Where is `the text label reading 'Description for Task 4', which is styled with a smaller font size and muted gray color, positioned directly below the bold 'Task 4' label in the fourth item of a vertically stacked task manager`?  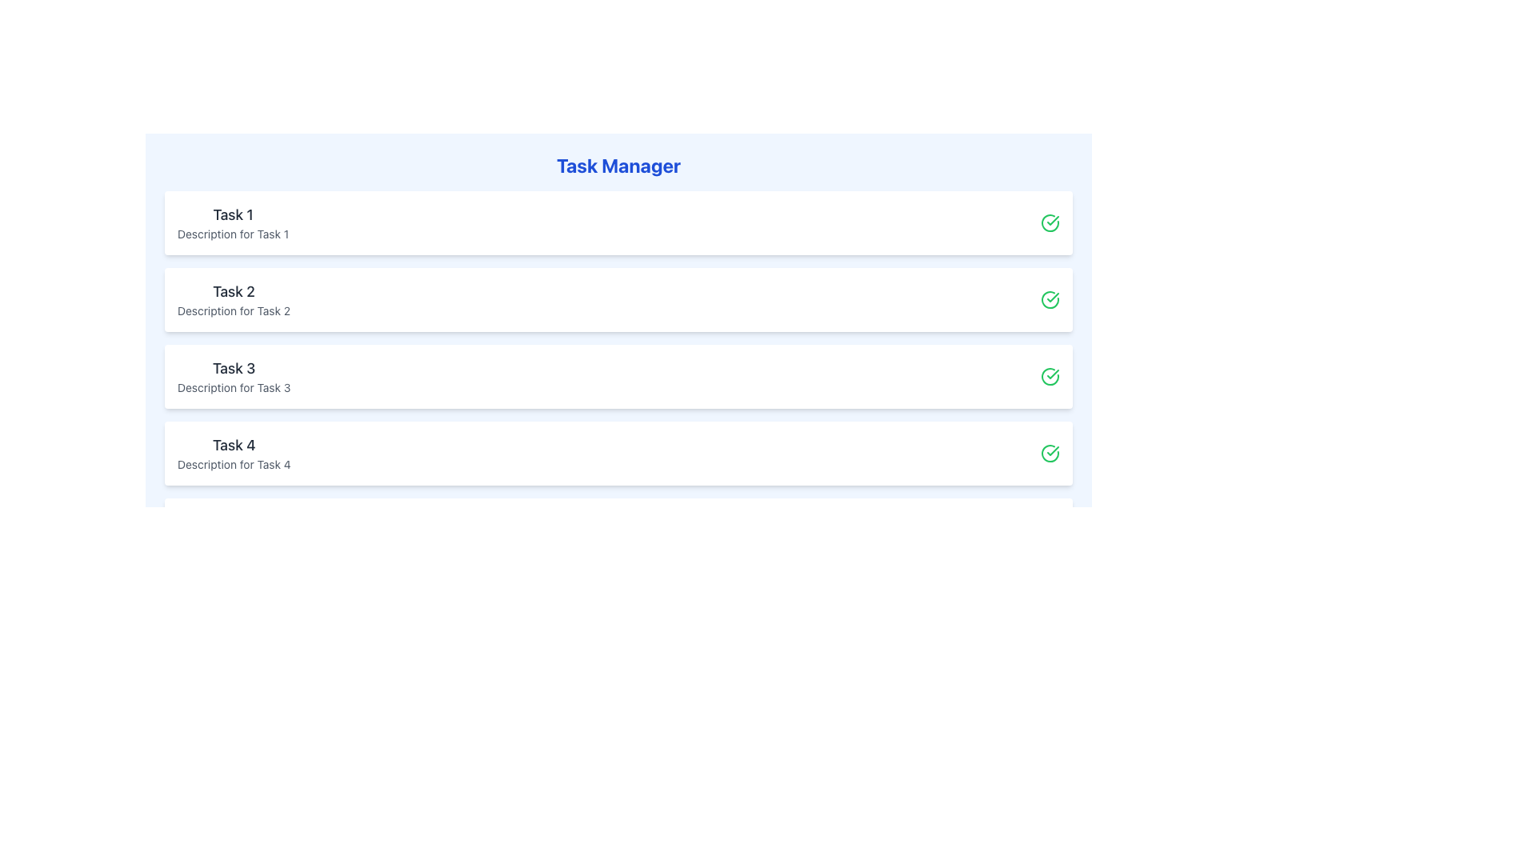 the text label reading 'Description for Task 4', which is styled with a smaller font size and muted gray color, positioned directly below the bold 'Task 4' label in the fourth item of a vertically stacked task manager is located at coordinates (233, 465).